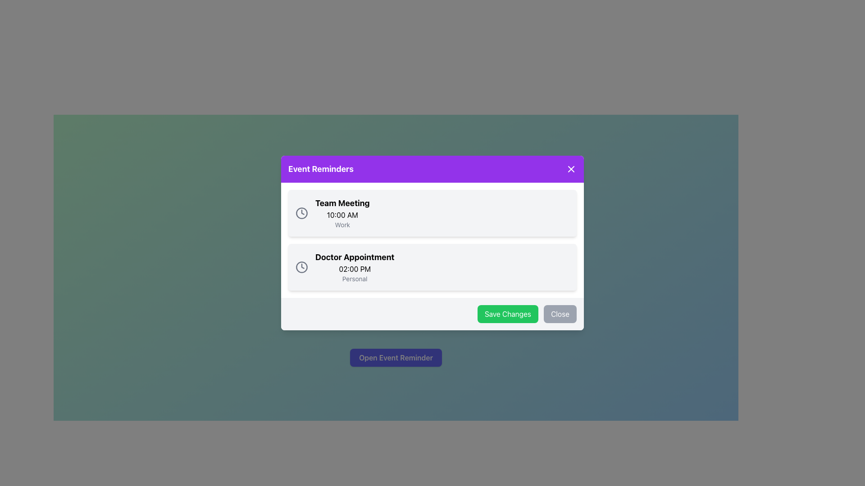  What do you see at coordinates (342, 215) in the screenshot?
I see `the time label displaying '10:00 AM' in the 'Event Reminders' modal, which is positioned below 'Team Meeting' and above 'Work'` at bounding box center [342, 215].